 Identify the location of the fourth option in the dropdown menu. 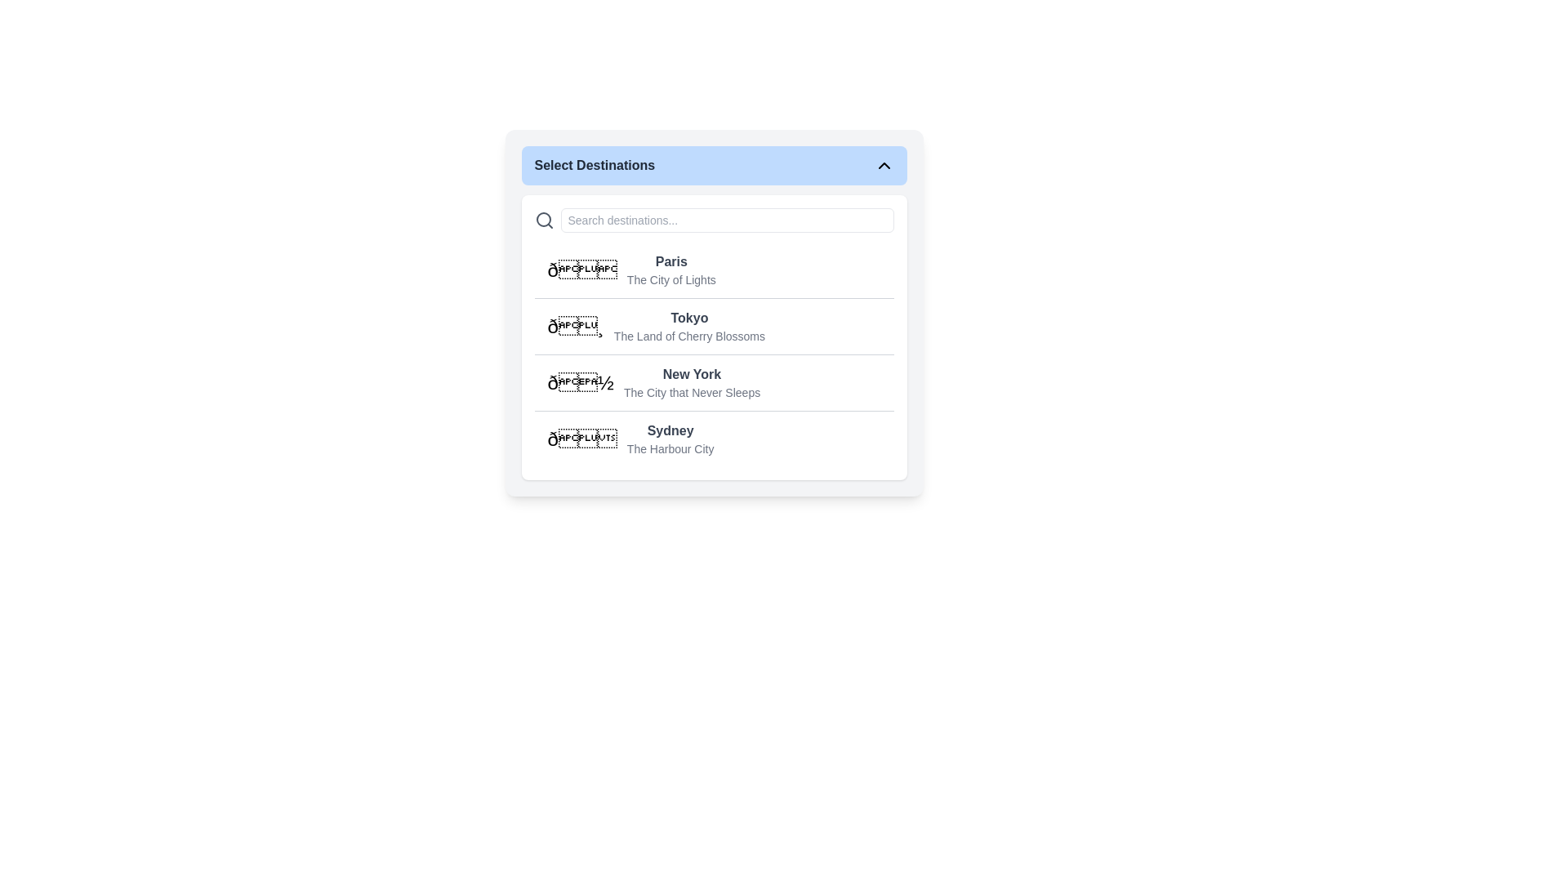
(714, 438).